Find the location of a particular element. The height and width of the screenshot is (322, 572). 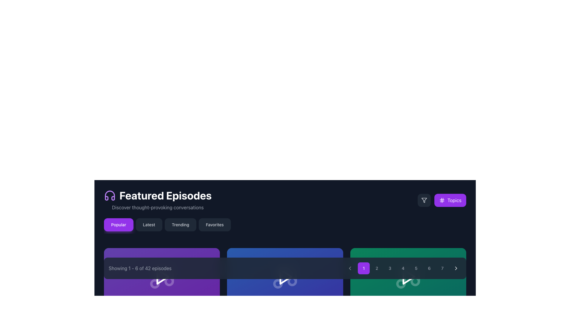

the square button with rounded corners and a funnel icon at its center is located at coordinates (424, 200).